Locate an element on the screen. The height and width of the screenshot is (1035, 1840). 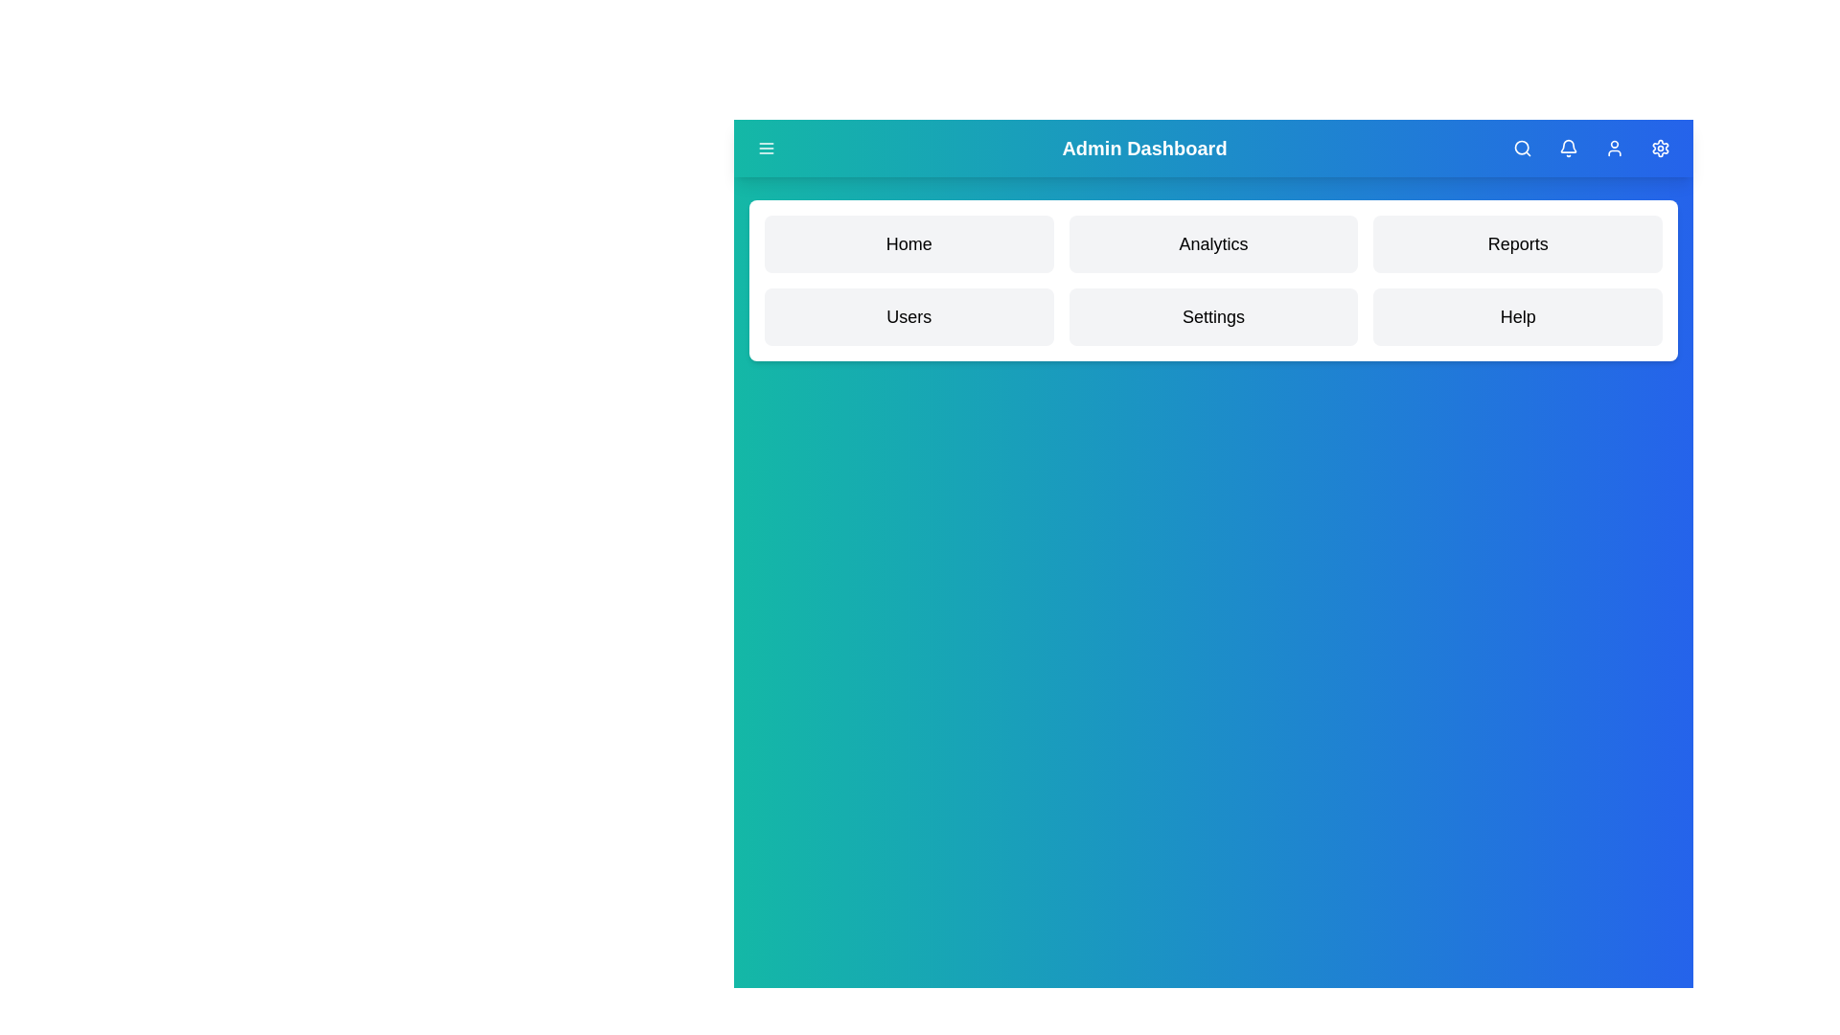
the search icon to activate the search functionality is located at coordinates (1521, 147).